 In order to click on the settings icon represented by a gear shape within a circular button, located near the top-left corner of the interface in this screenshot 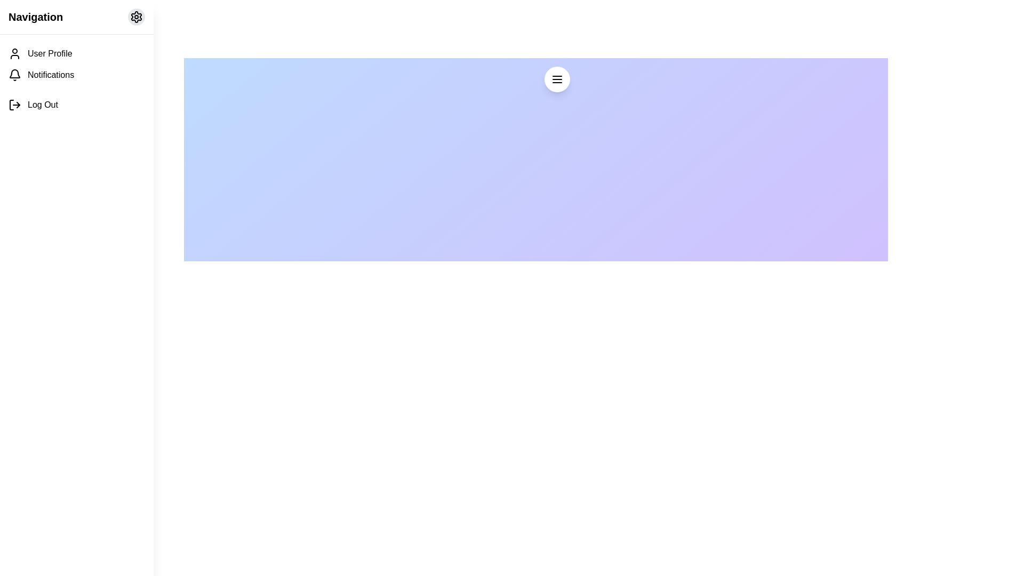, I will do `click(135, 17)`.